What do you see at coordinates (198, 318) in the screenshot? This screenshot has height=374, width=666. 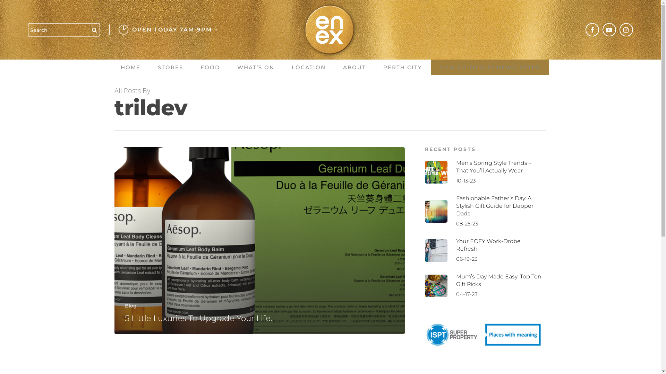 I see `'5 Little Luxuries To Upgrade Your Life.'` at bounding box center [198, 318].